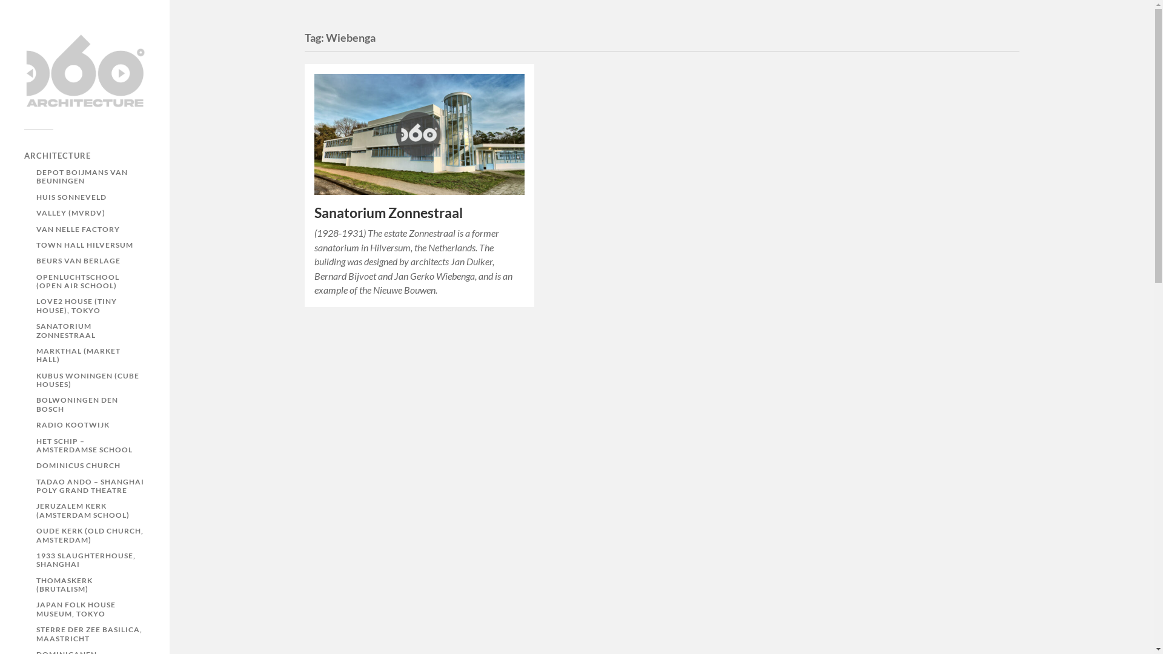  What do you see at coordinates (36, 633) in the screenshot?
I see `'STERRE DER ZEE BASILICA, MAASTRICHT'` at bounding box center [36, 633].